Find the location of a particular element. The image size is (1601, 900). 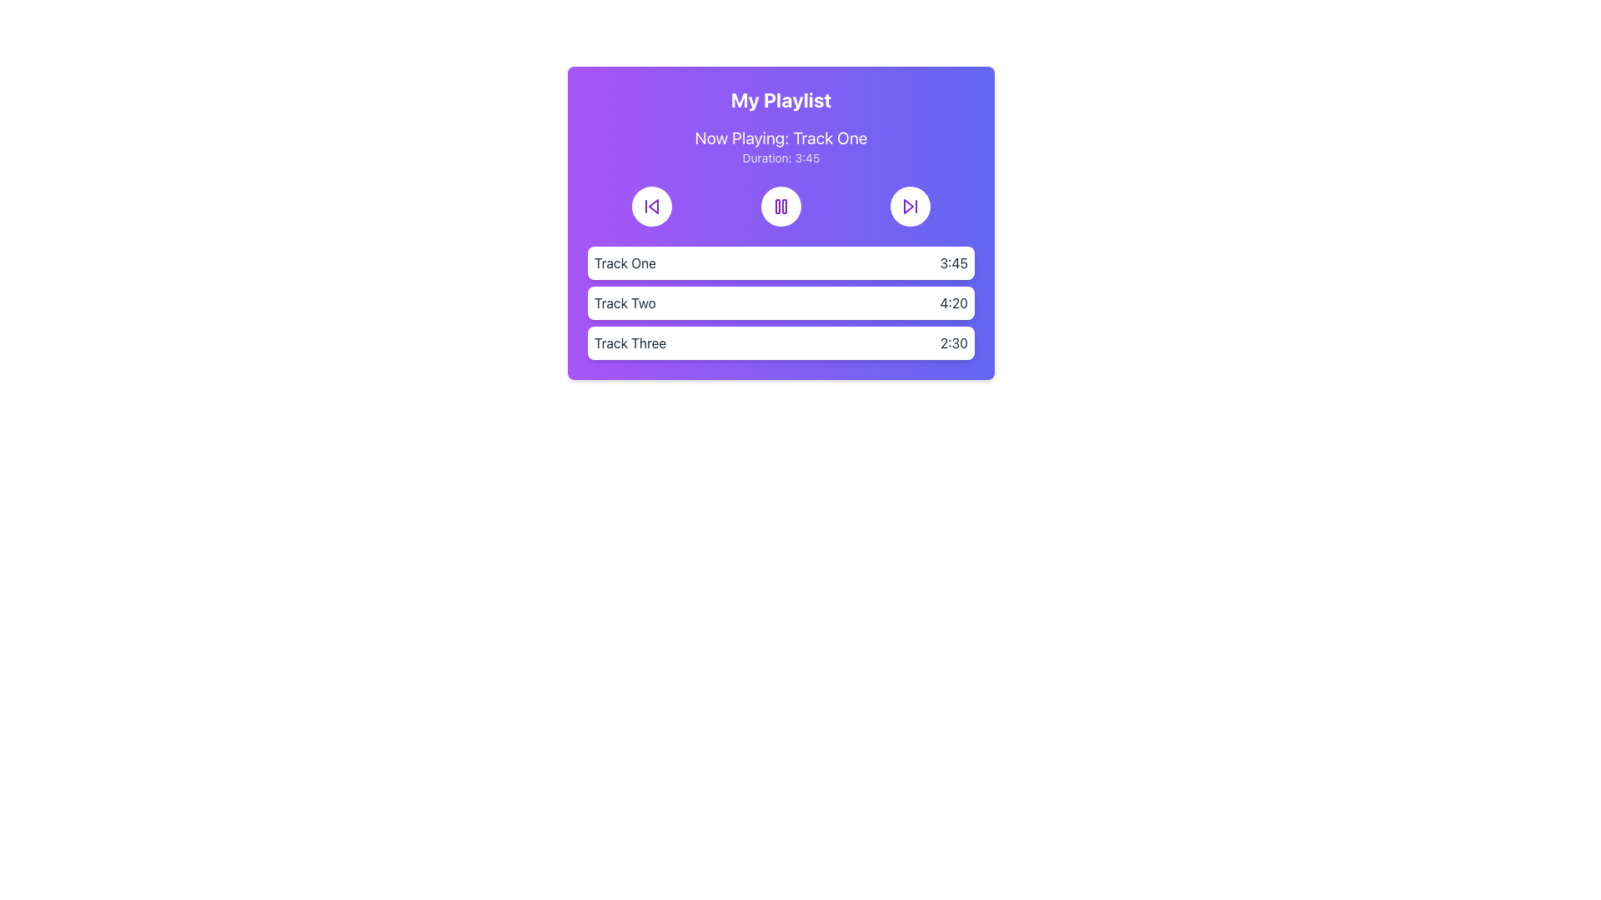

the List Item displaying 'Track Two' with a time of '4:20' is located at coordinates (780, 302).